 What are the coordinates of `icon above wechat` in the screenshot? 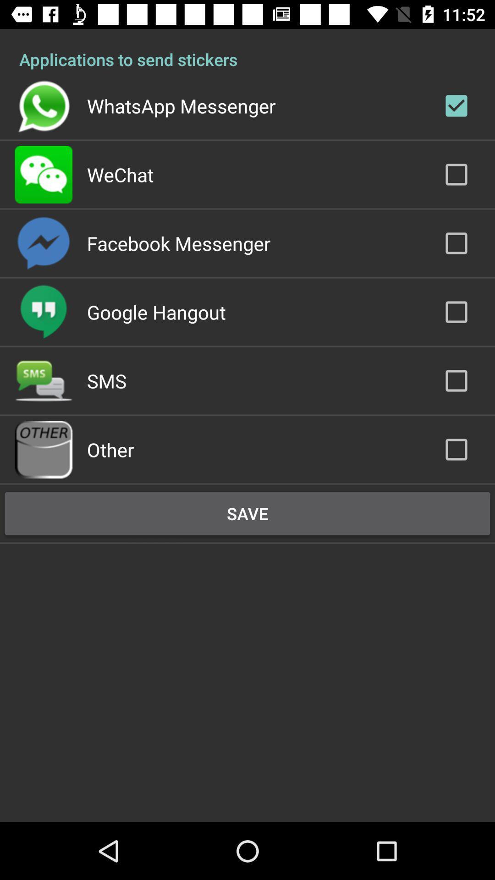 It's located at (181, 105).